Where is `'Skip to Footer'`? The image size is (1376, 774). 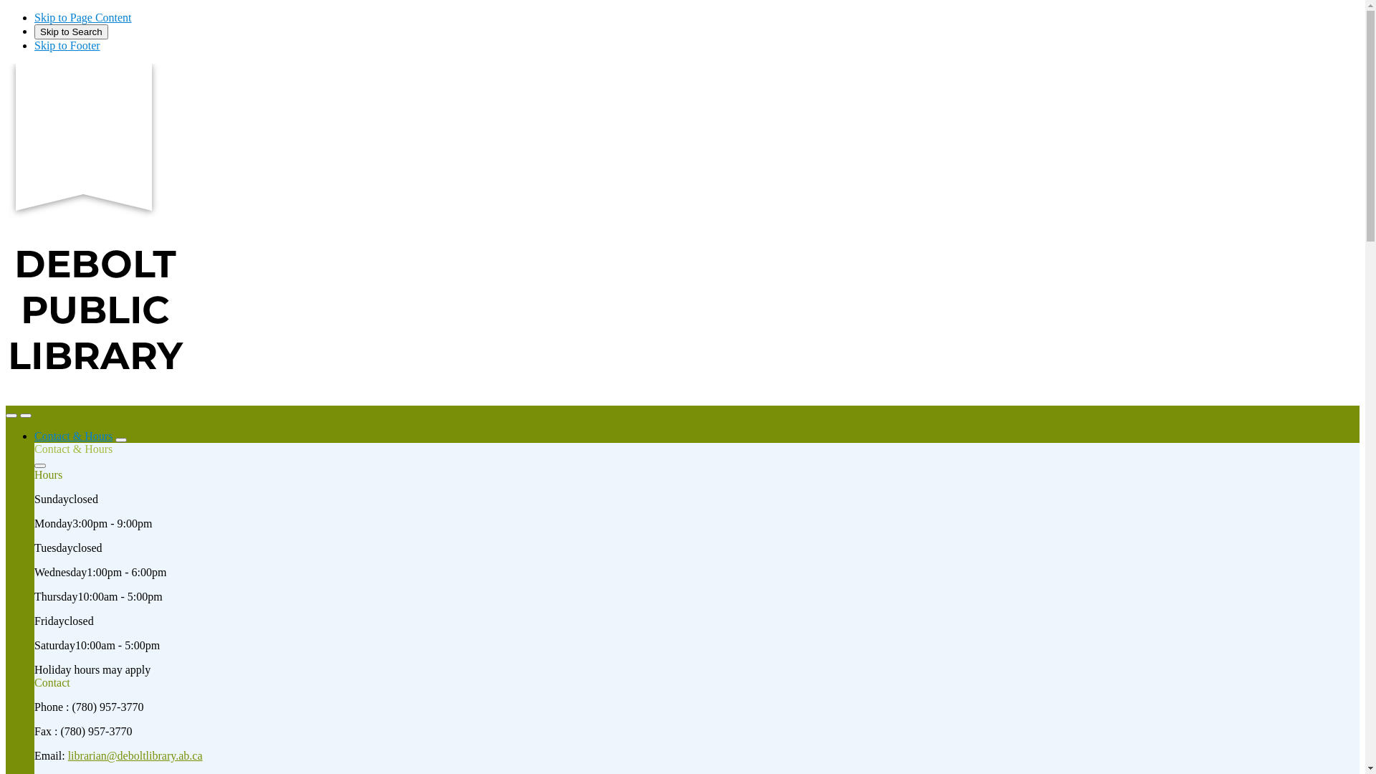
'Skip to Footer' is located at coordinates (67, 44).